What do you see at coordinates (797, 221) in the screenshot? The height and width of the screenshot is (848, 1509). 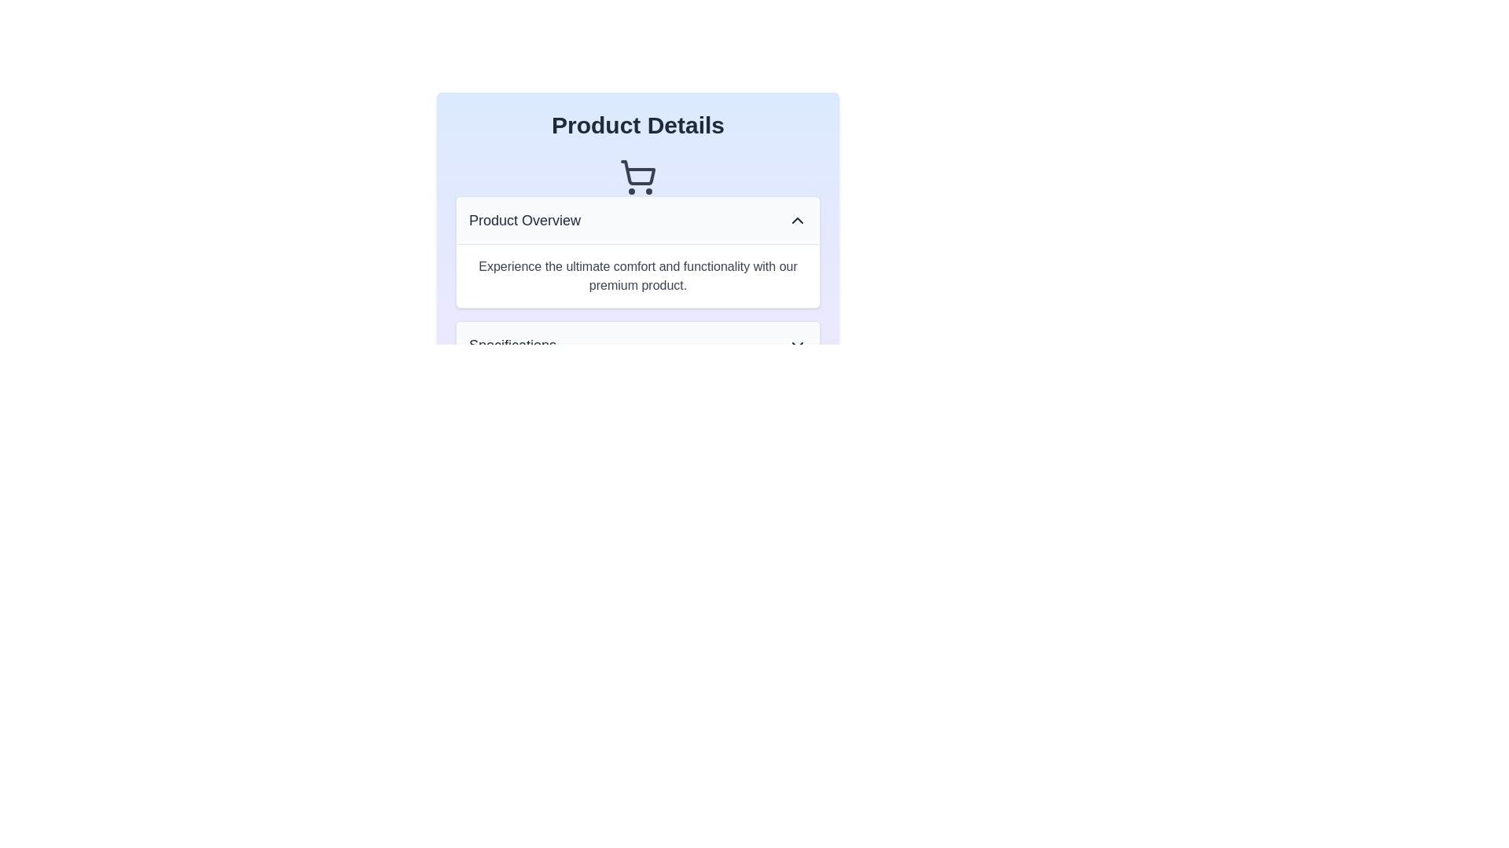 I see `the small upward-pointing chevron icon located on the far-right side of the 'Product Overview' section header` at bounding box center [797, 221].